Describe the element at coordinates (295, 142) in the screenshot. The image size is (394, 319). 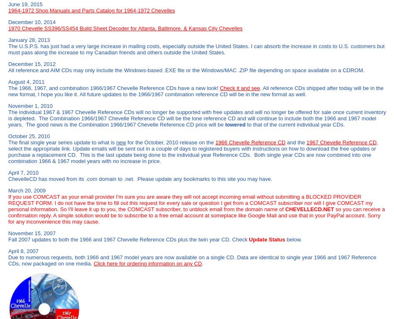
I see `'and the'` at that location.